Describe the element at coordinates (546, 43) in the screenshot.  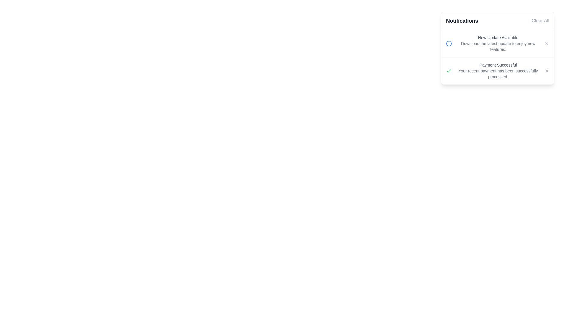
I see `the small 'X' button in the notification area` at that location.